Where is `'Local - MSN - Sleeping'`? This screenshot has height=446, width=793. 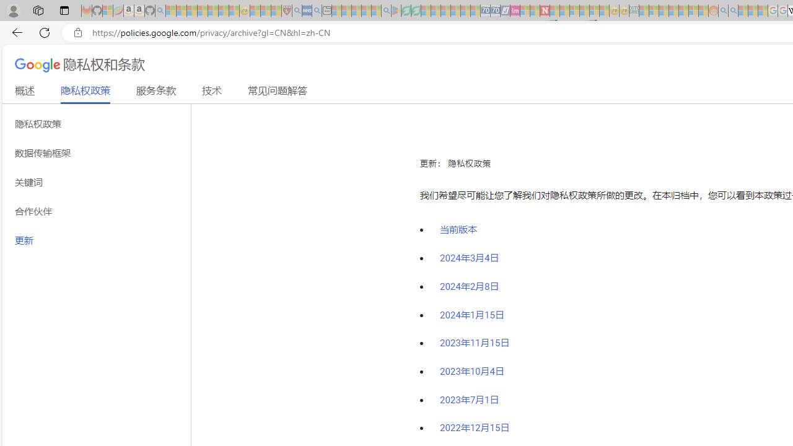 'Local - MSN - Sleeping' is located at coordinates (276, 11).